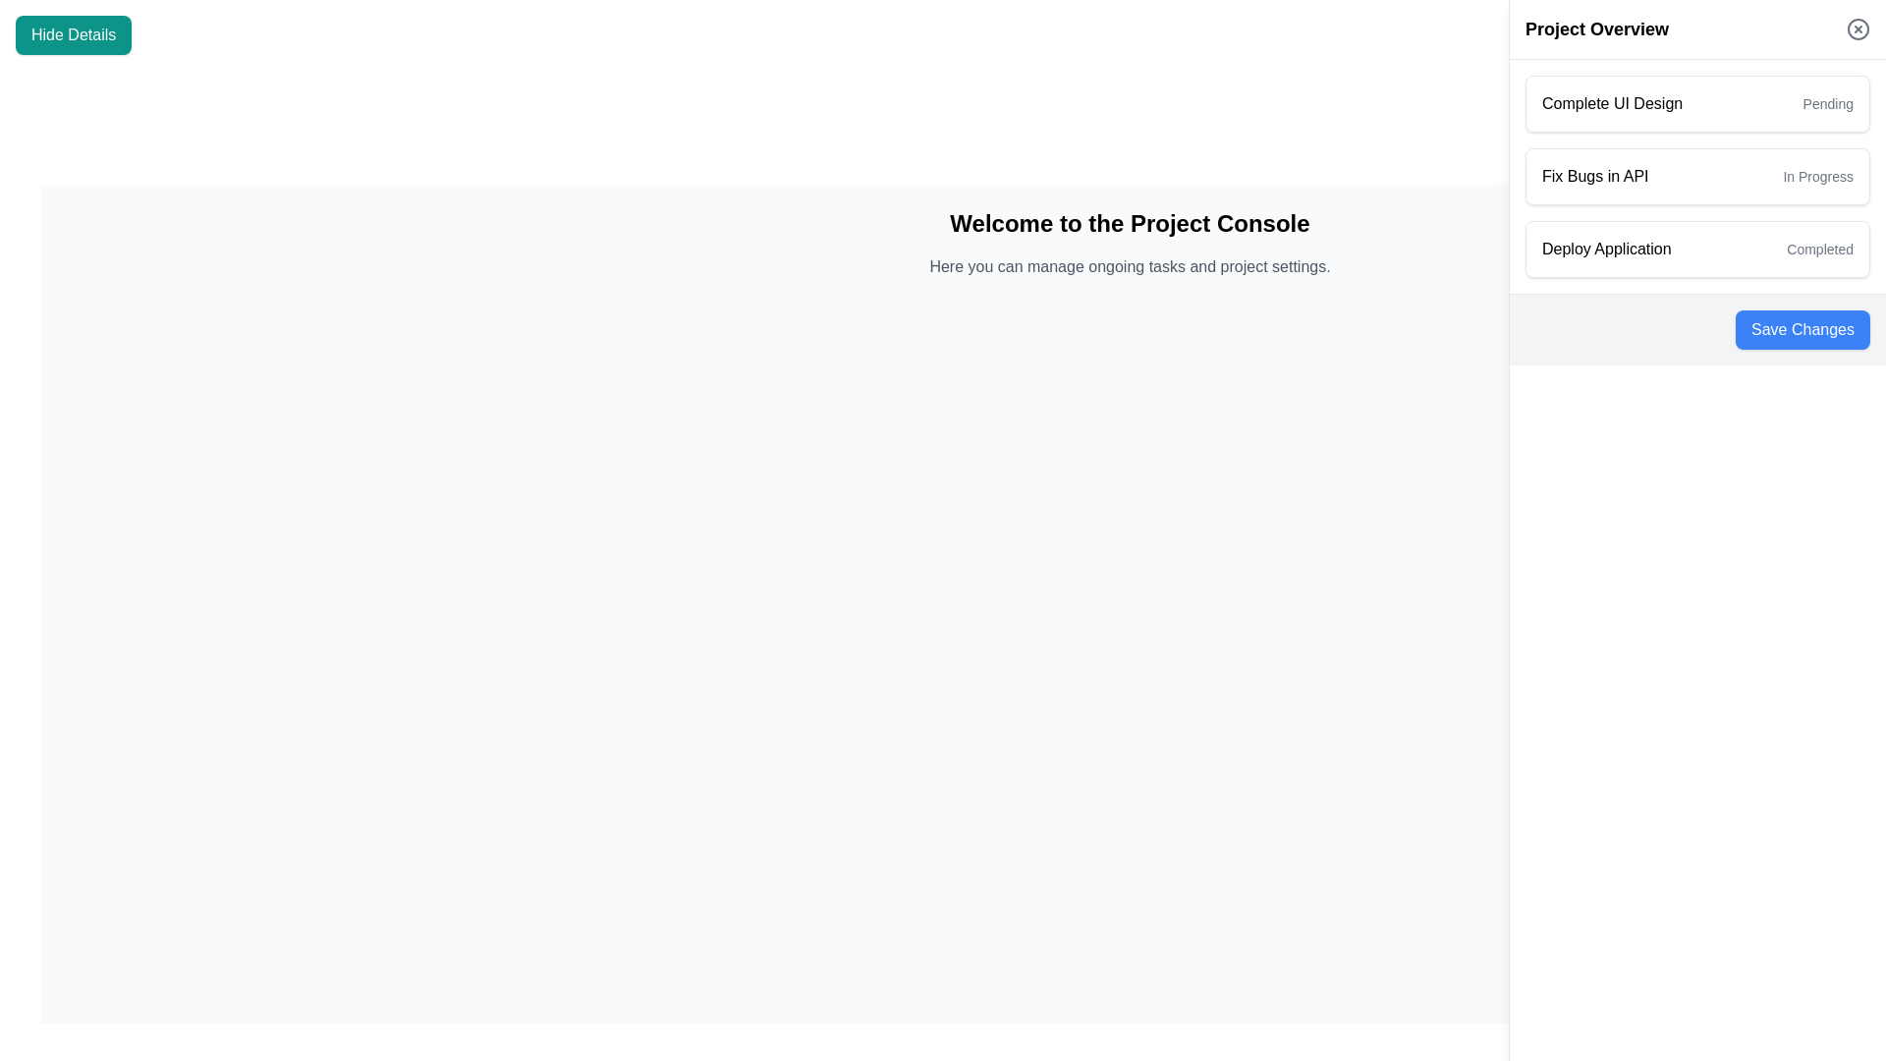 The image size is (1886, 1061). What do you see at coordinates (1819, 249) in the screenshot?
I see `the 'Completed' text label, which is styled in gray and positioned to the right of 'Deploy Application' in the 'Project Overview' panel` at bounding box center [1819, 249].